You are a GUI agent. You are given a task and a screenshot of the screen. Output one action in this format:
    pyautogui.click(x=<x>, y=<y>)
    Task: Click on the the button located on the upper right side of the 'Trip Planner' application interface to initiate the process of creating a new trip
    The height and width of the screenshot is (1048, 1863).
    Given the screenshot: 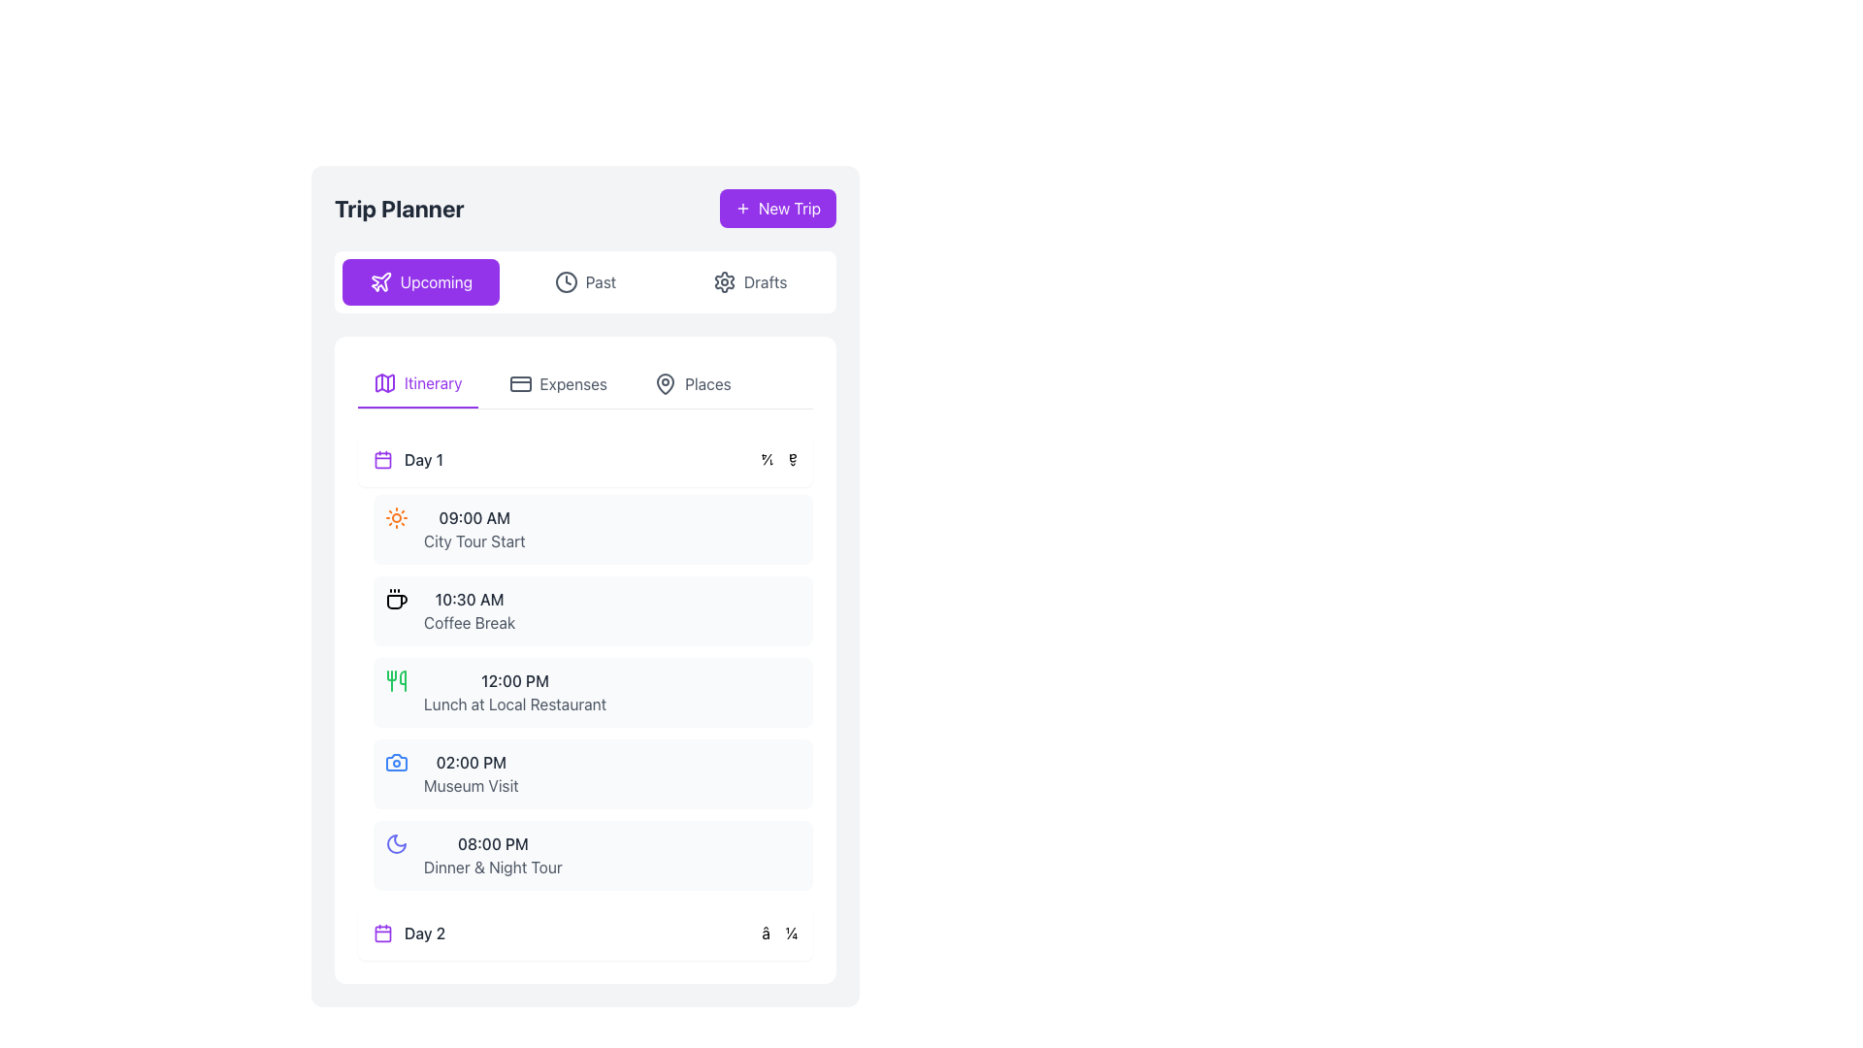 What is the action you would take?
    pyautogui.click(x=777, y=209)
    